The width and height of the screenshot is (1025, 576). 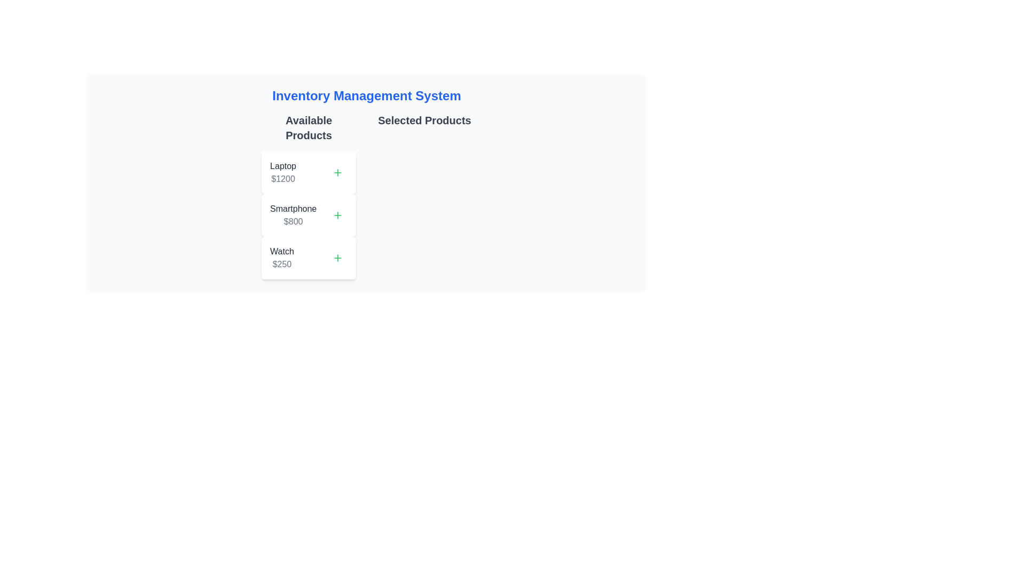 I want to click on the price display of the product 'Laptop', which is located below the 'Laptop' label in the product list, so click(x=283, y=178).